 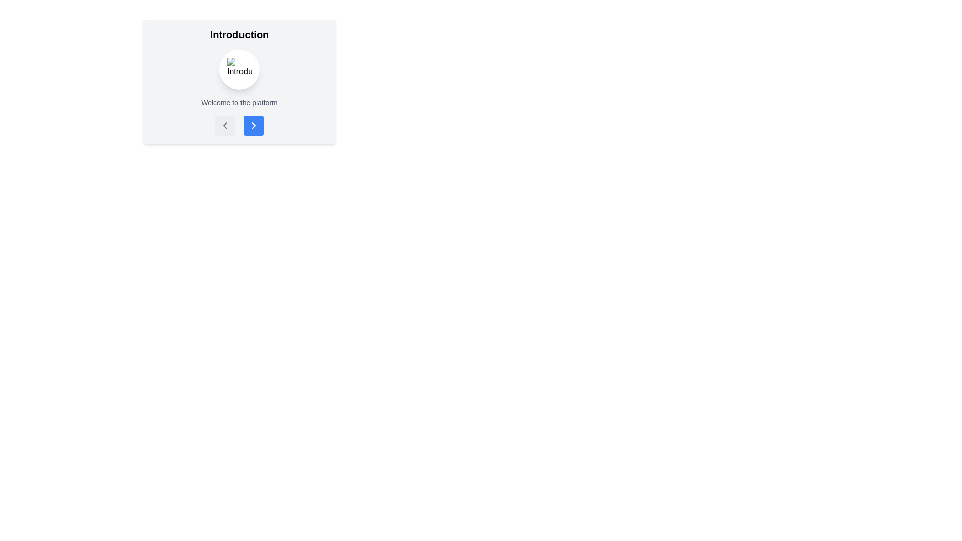 What do you see at coordinates (239, 69) in the screenshot?
I see `the circular button with a white background and embedded missing image icon, located between the title 'Introduction' and the subtitle 'Welcome to the platform.'` at bounding box center [239, 69].